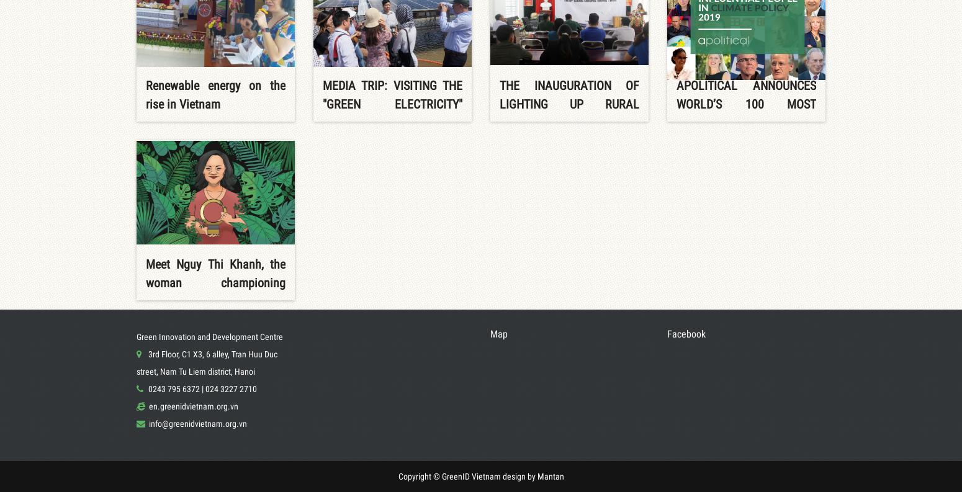 This screenshot has width=962, height=492. Describe the element at coordinates (193, 405) in the screenshot. I see `'en.greenidvietnam.org.vn'` at that location.